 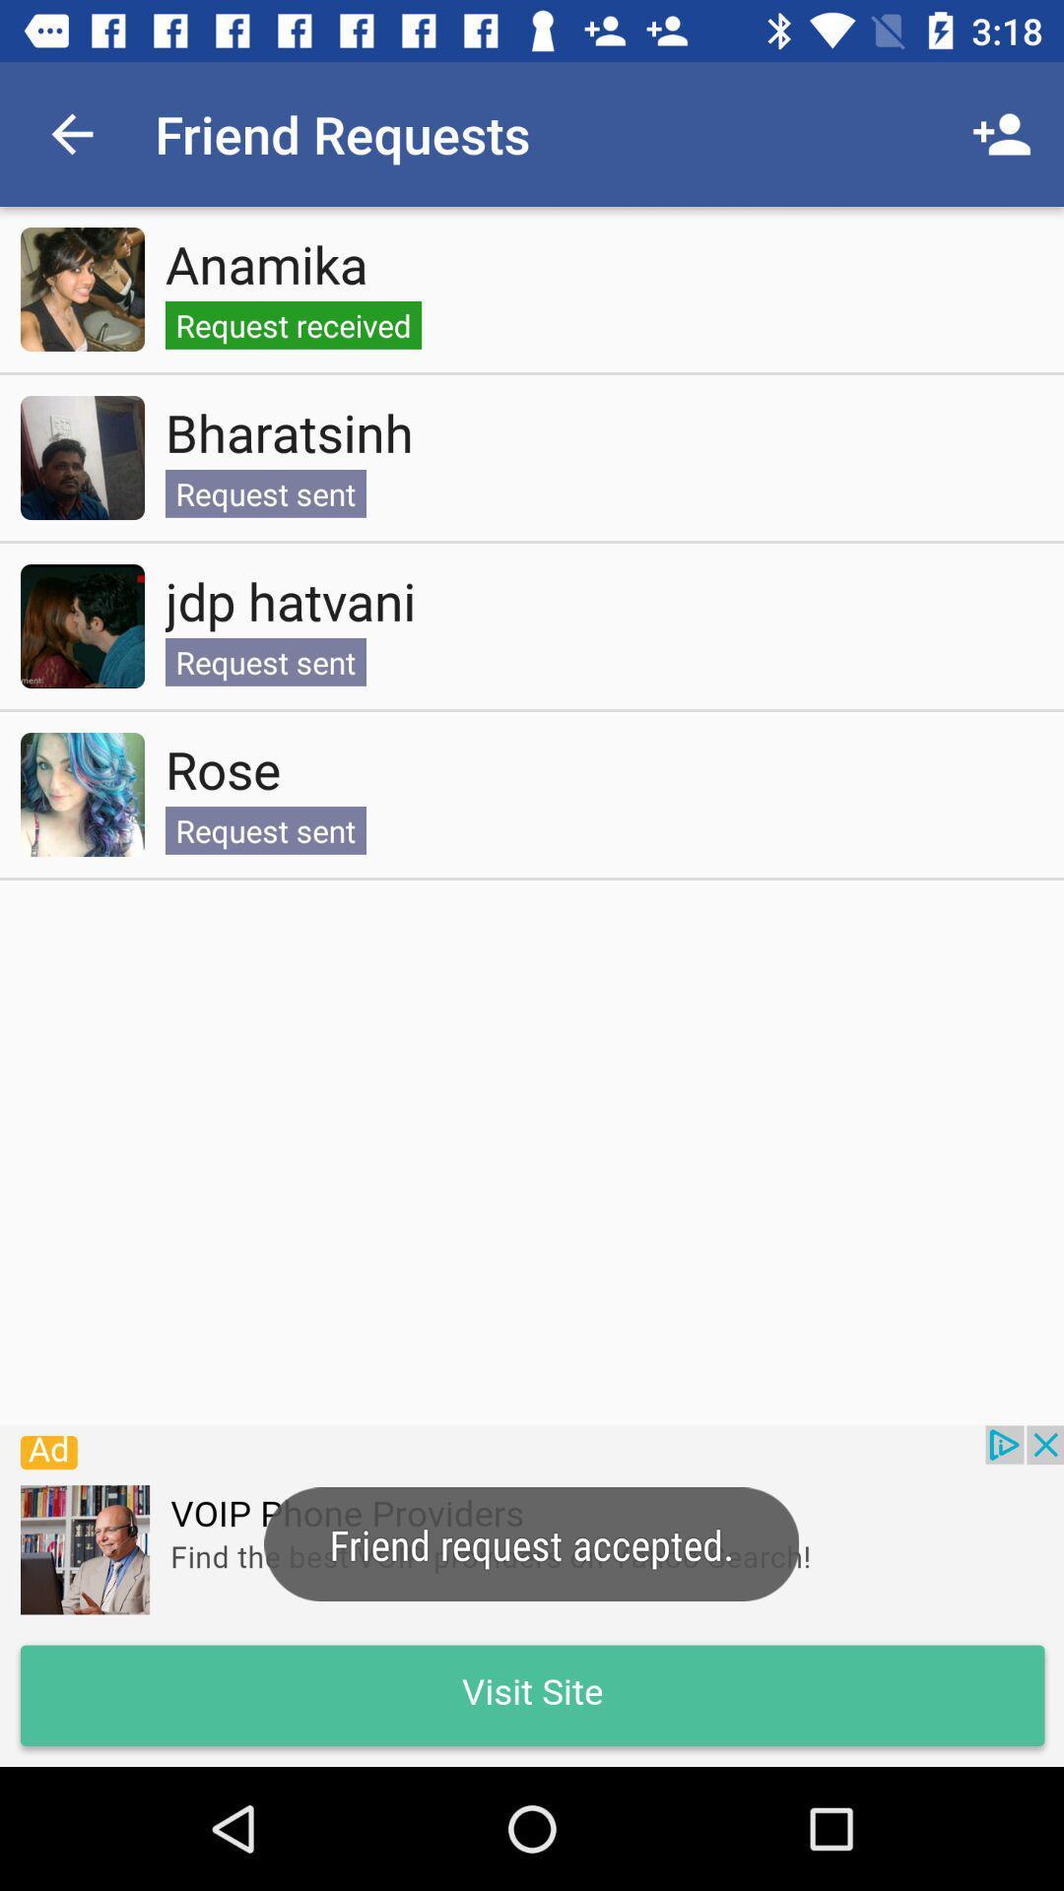 I want to click on avater icon, so click(x=82, y=625).